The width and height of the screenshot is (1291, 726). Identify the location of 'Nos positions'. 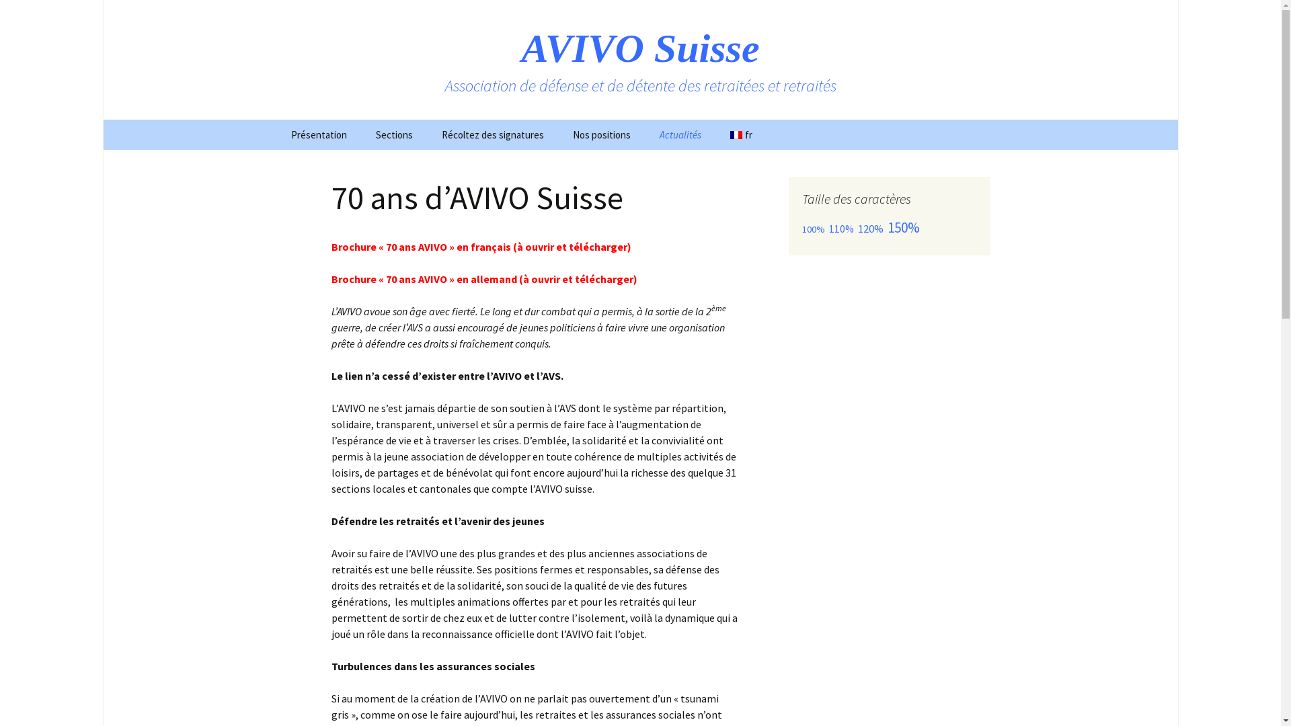
(600, 134).